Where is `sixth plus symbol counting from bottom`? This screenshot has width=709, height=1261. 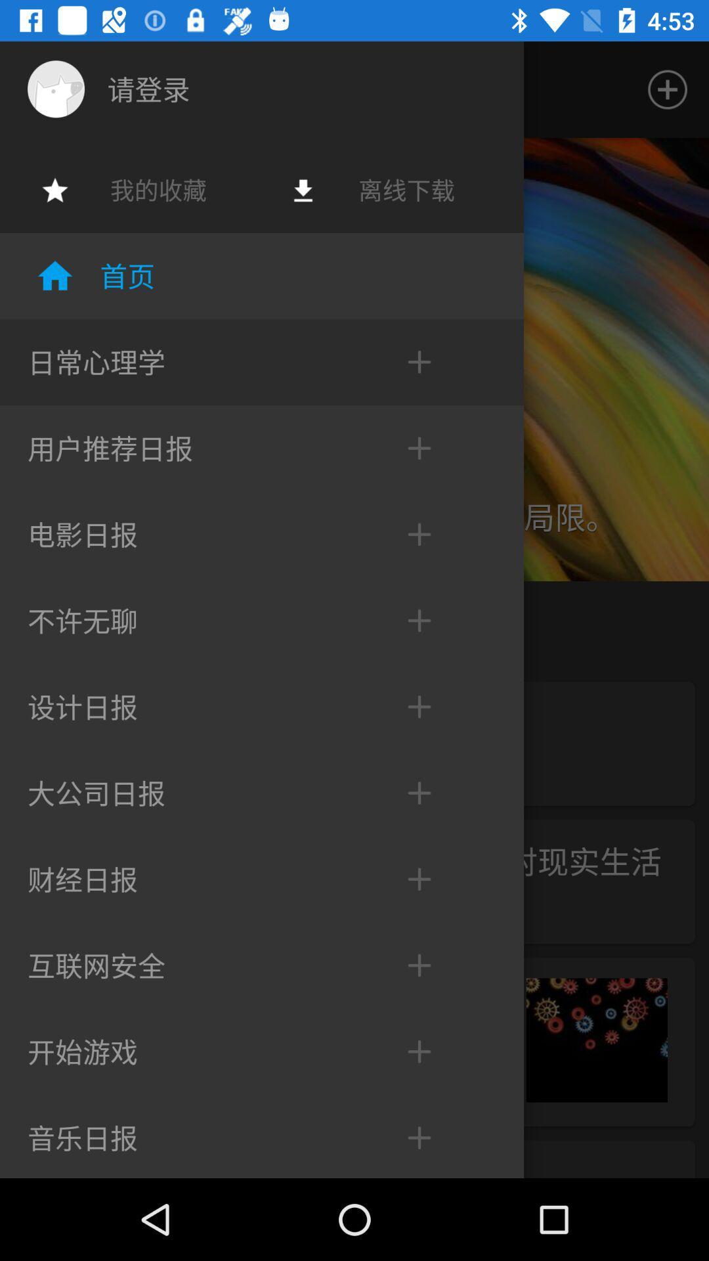 sixth plus symbol counting from bottom is located at coordinates (404, 448).